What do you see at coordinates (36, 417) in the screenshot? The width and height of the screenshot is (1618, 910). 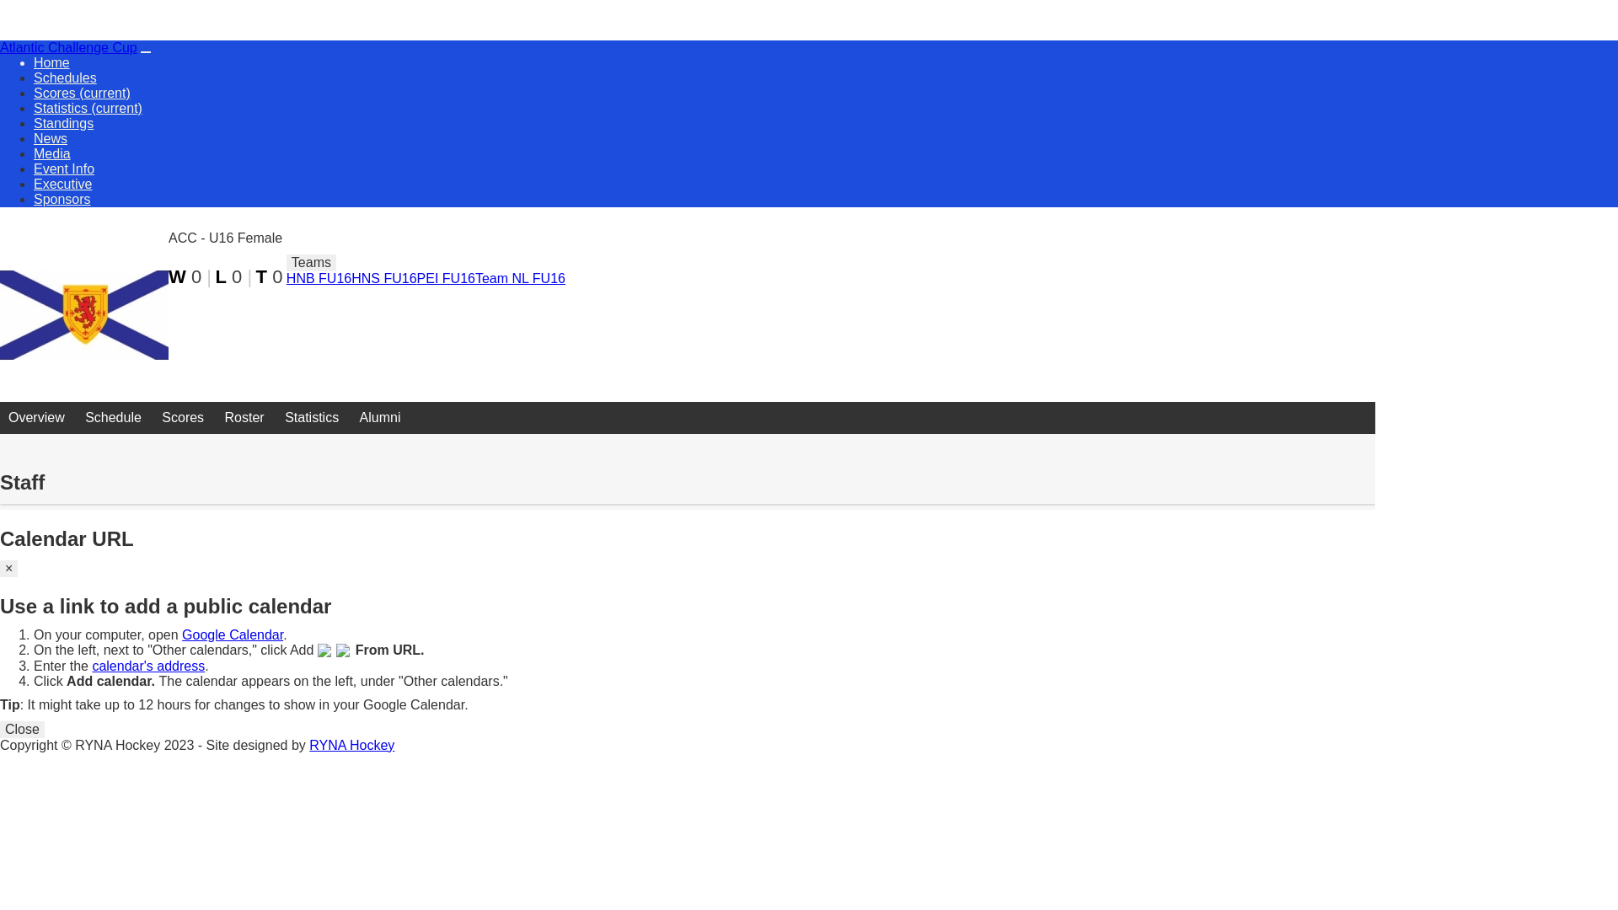 I see `'Overview'` at bounding box center [36, 417].